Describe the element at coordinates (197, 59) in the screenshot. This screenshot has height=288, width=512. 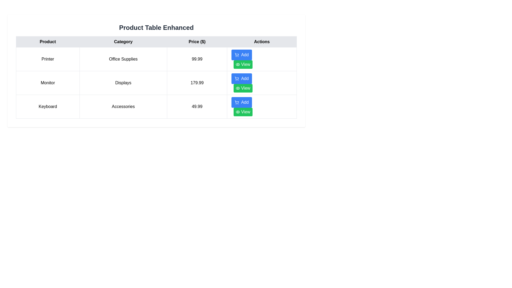
I see `the static text label displaying the price of the product 'Printer' located in the third column of the first row under the 'Price ($)' column` at that location.